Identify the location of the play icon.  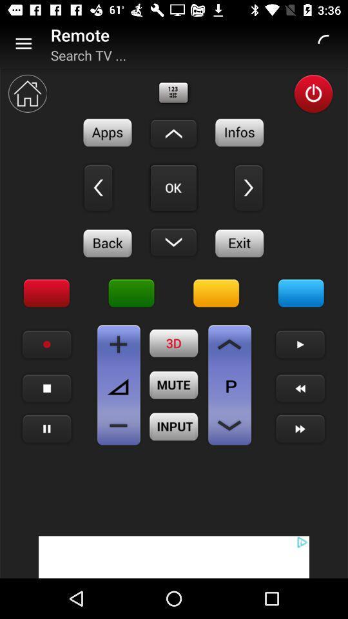
(300, 344).